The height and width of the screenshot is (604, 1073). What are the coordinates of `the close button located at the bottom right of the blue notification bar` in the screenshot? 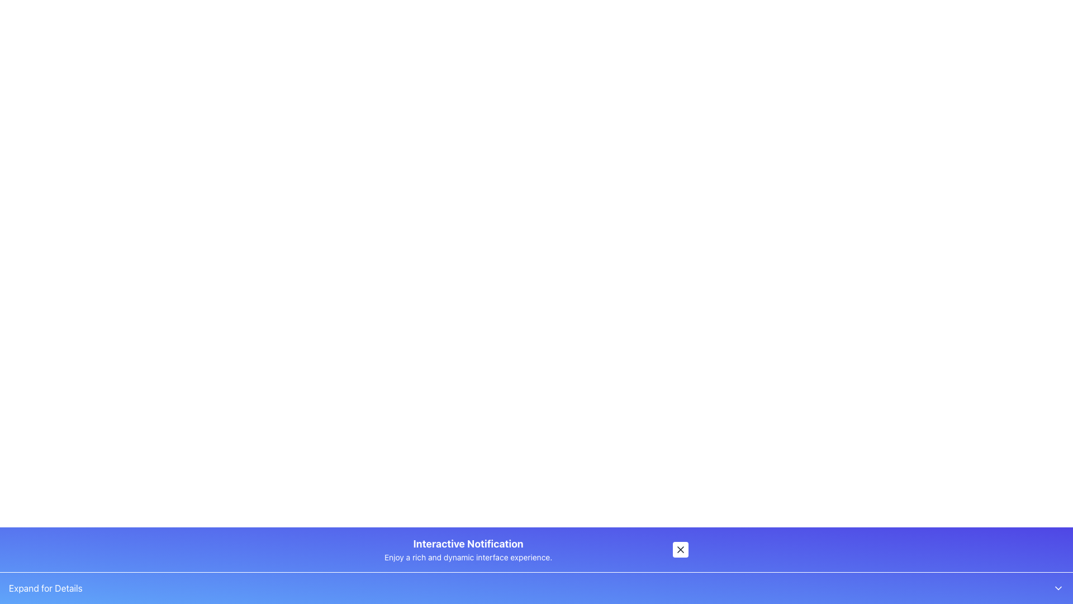 It's located at (680, 549).